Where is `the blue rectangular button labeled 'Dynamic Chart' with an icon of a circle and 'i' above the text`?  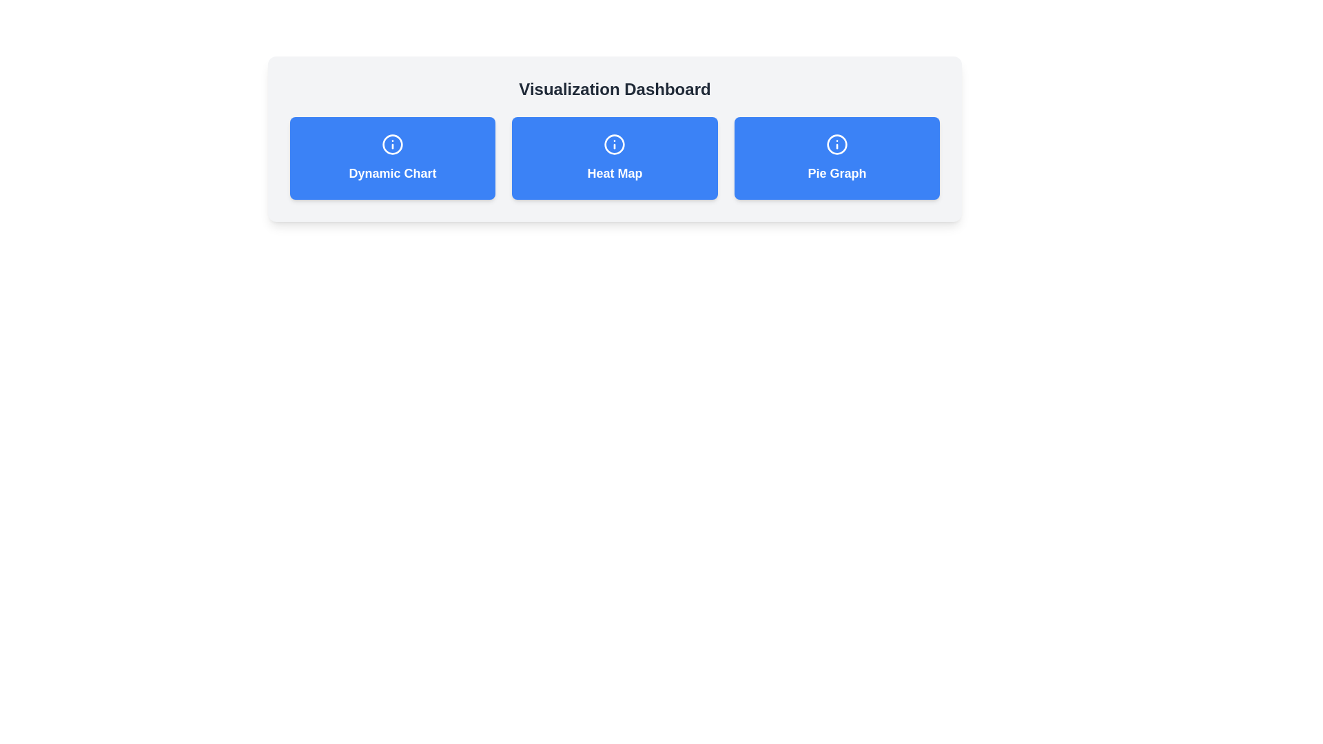
the blue rectangular button labeled 'Dynamic Chart' with an icon of a circle and 'i' above the text is located at coordinates (392, 158).